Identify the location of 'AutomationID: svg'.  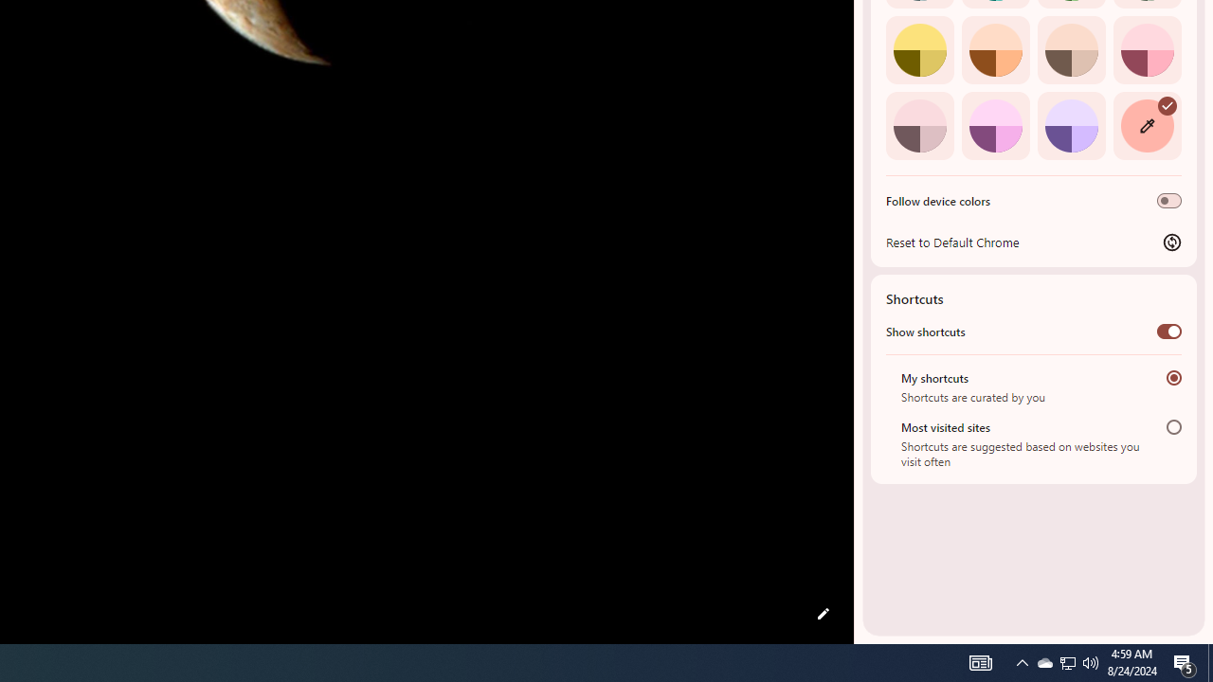
(1167, 105).